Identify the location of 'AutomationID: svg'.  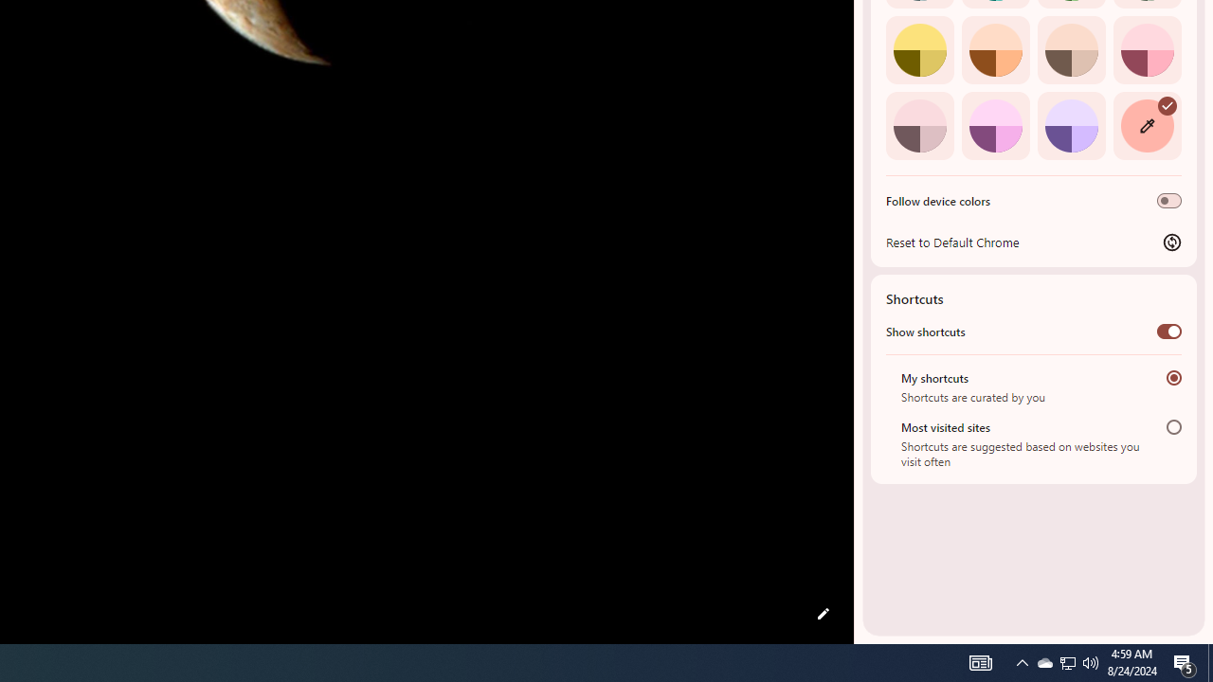
(1167, 105).